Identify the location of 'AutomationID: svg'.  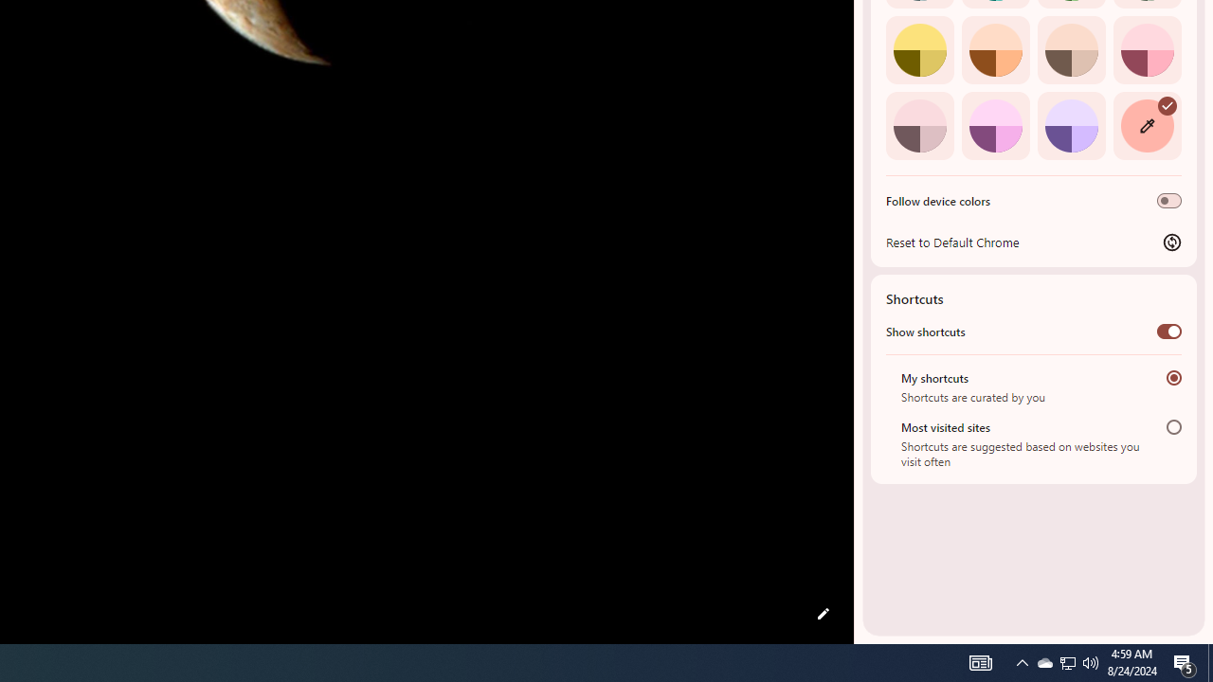
(1167, 105).